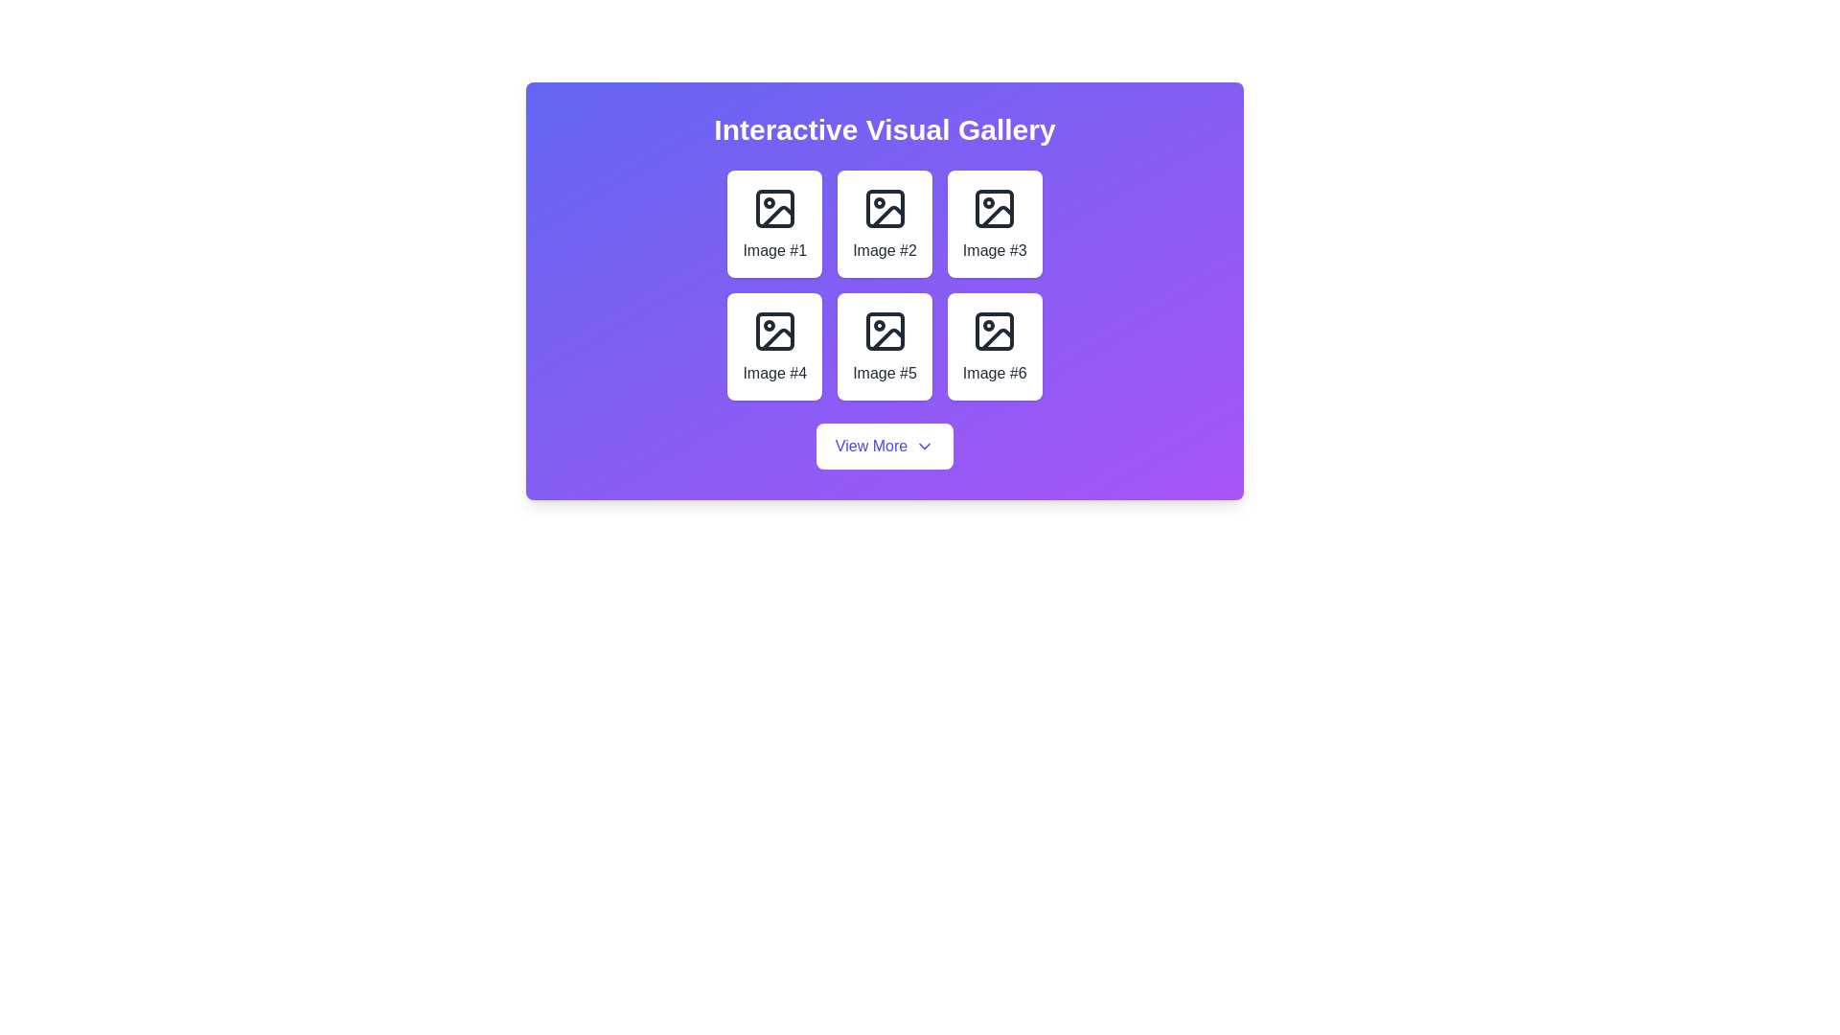  What do you see at coordinates (774, 331) in the screenshot?
I see `the fourth image thumbnail in the 'Interactive Visual Gallery' section, labeled 'Image #4'` at bounding box center [774, 331].